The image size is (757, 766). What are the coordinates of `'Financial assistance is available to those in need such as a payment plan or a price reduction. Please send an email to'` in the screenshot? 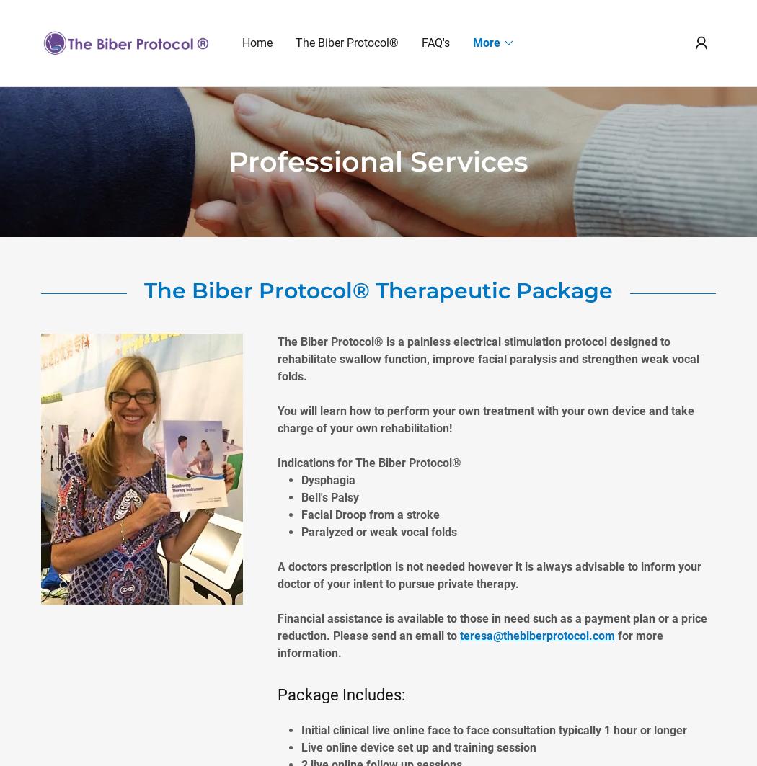 It's located at (492, 625).